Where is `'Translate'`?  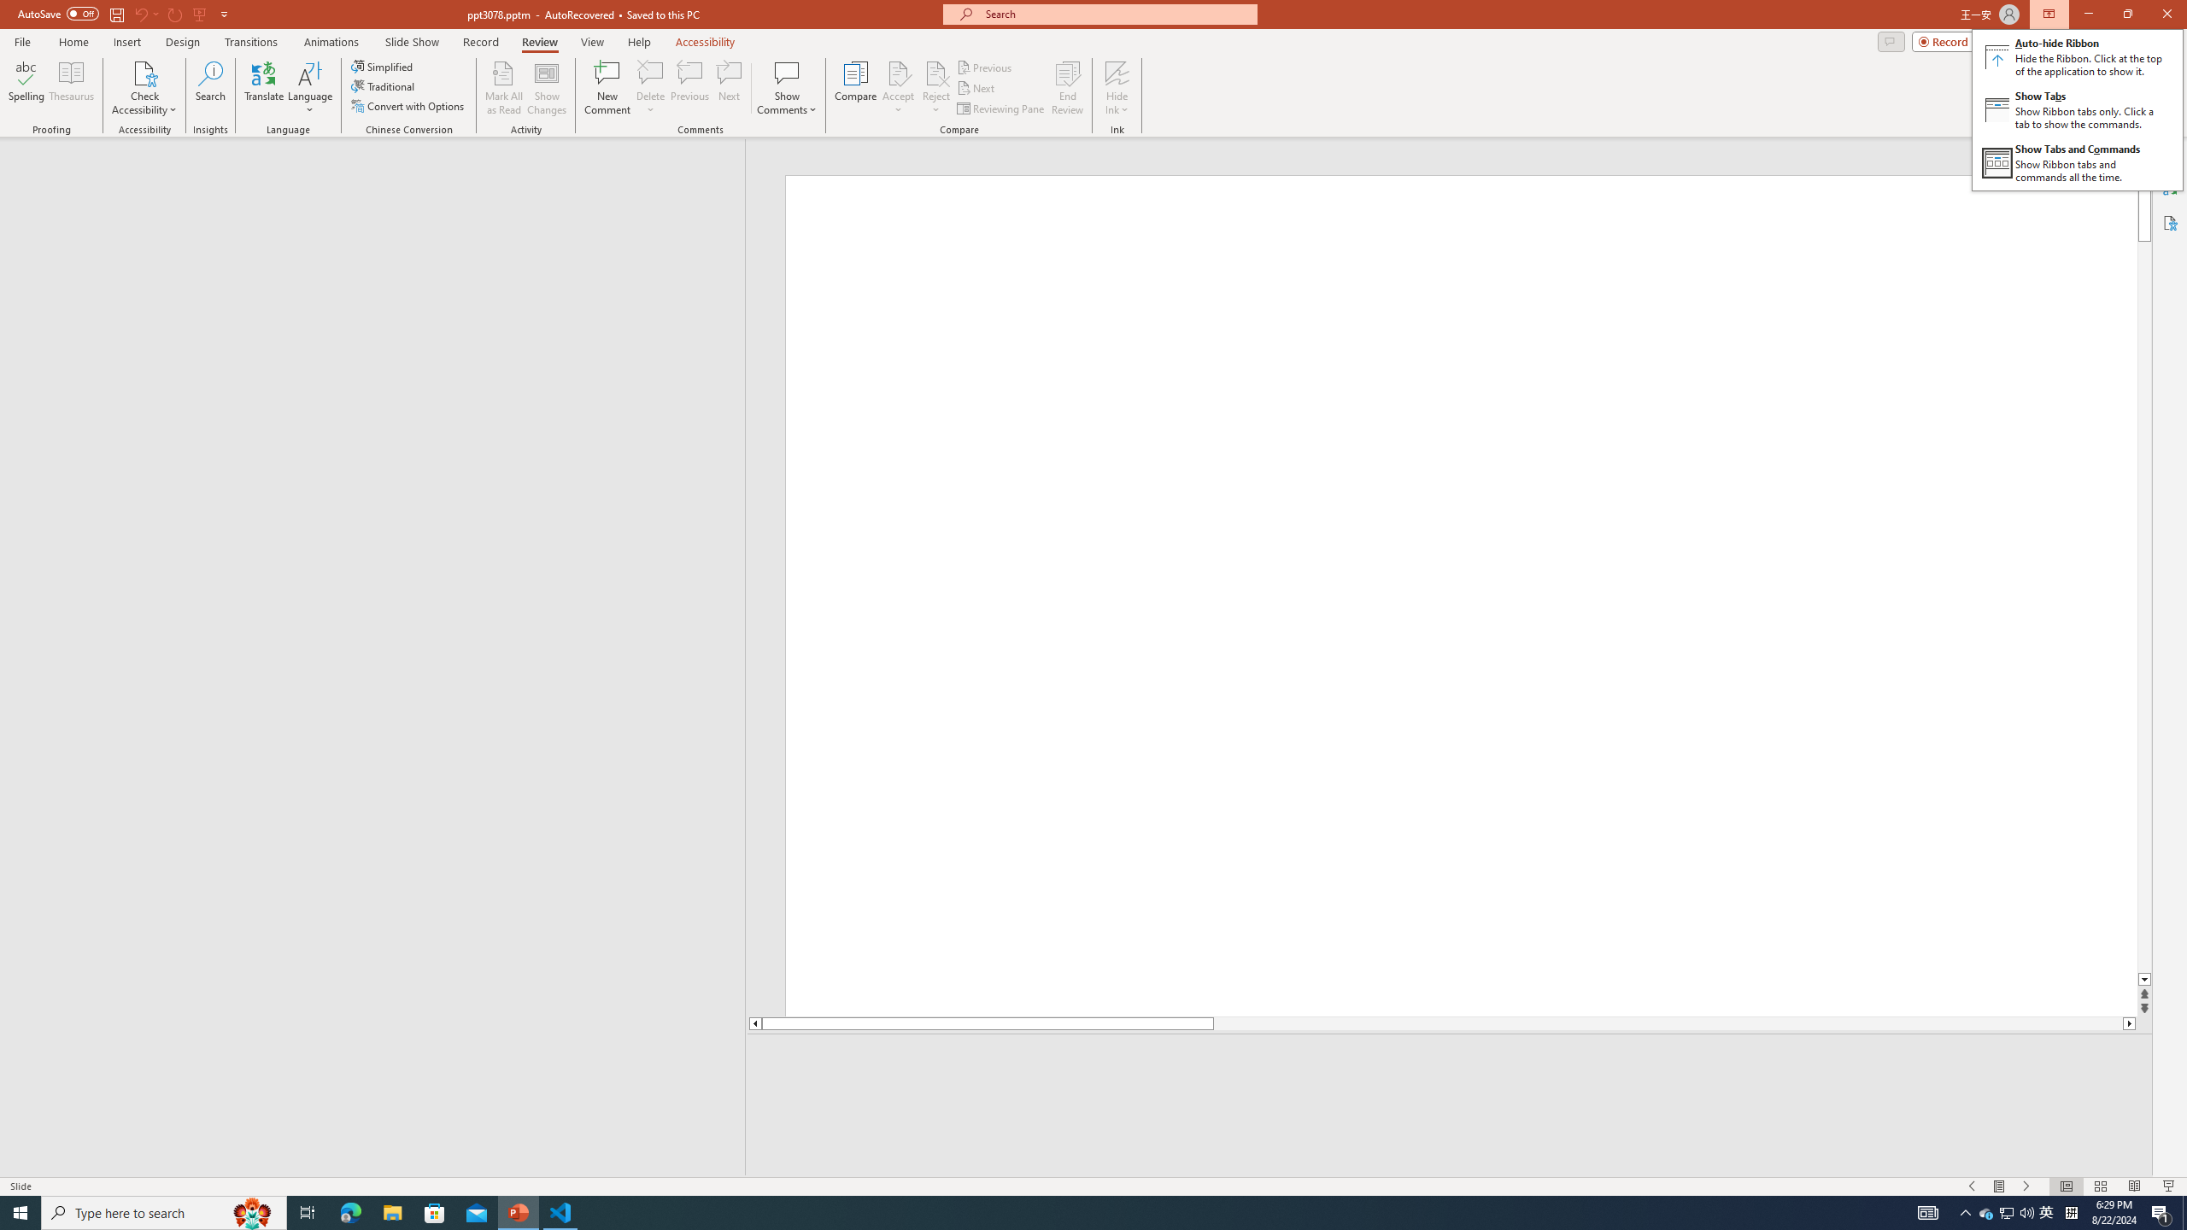
'Translate' is located at coordinates (264, 88).